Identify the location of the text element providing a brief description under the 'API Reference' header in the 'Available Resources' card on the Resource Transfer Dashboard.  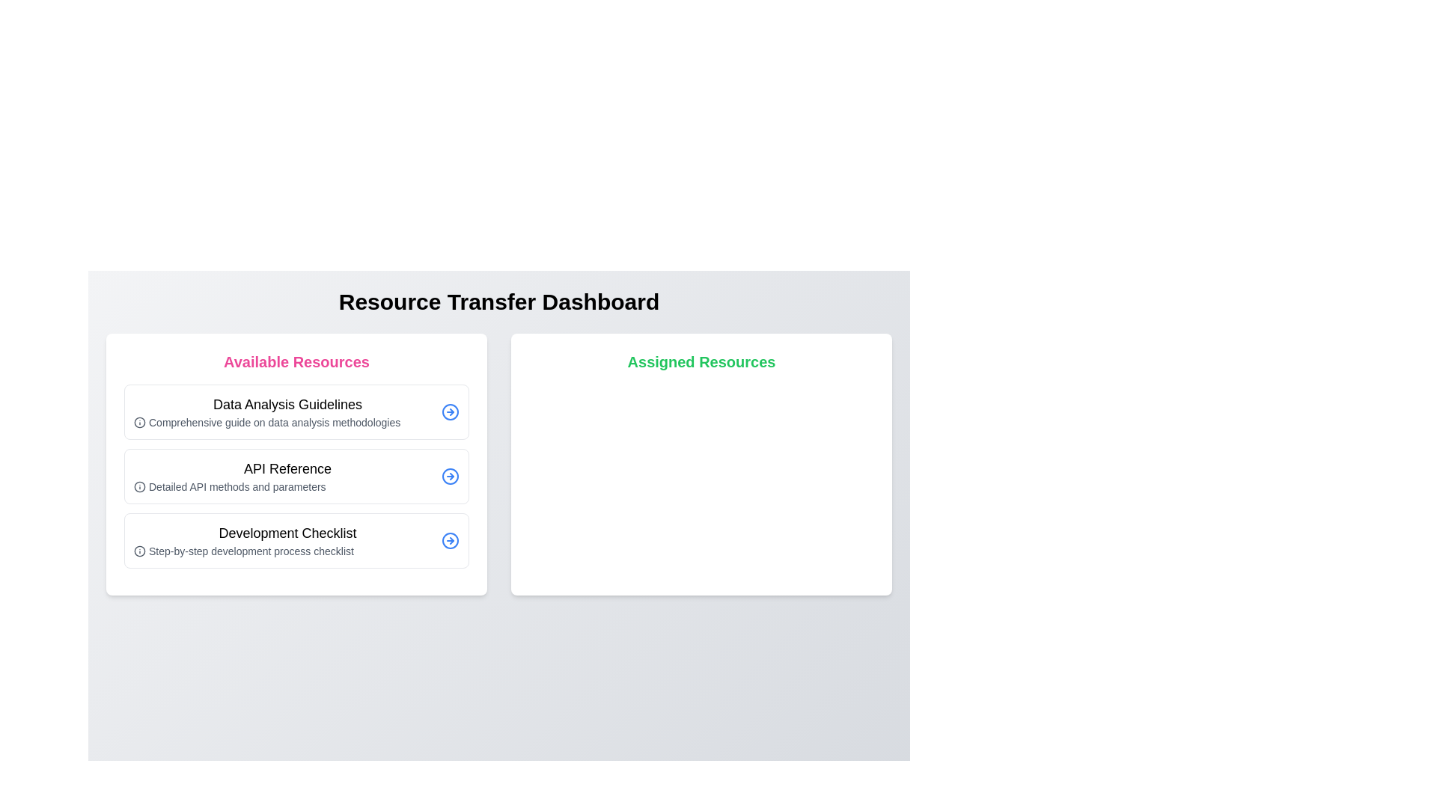
(287, 487).